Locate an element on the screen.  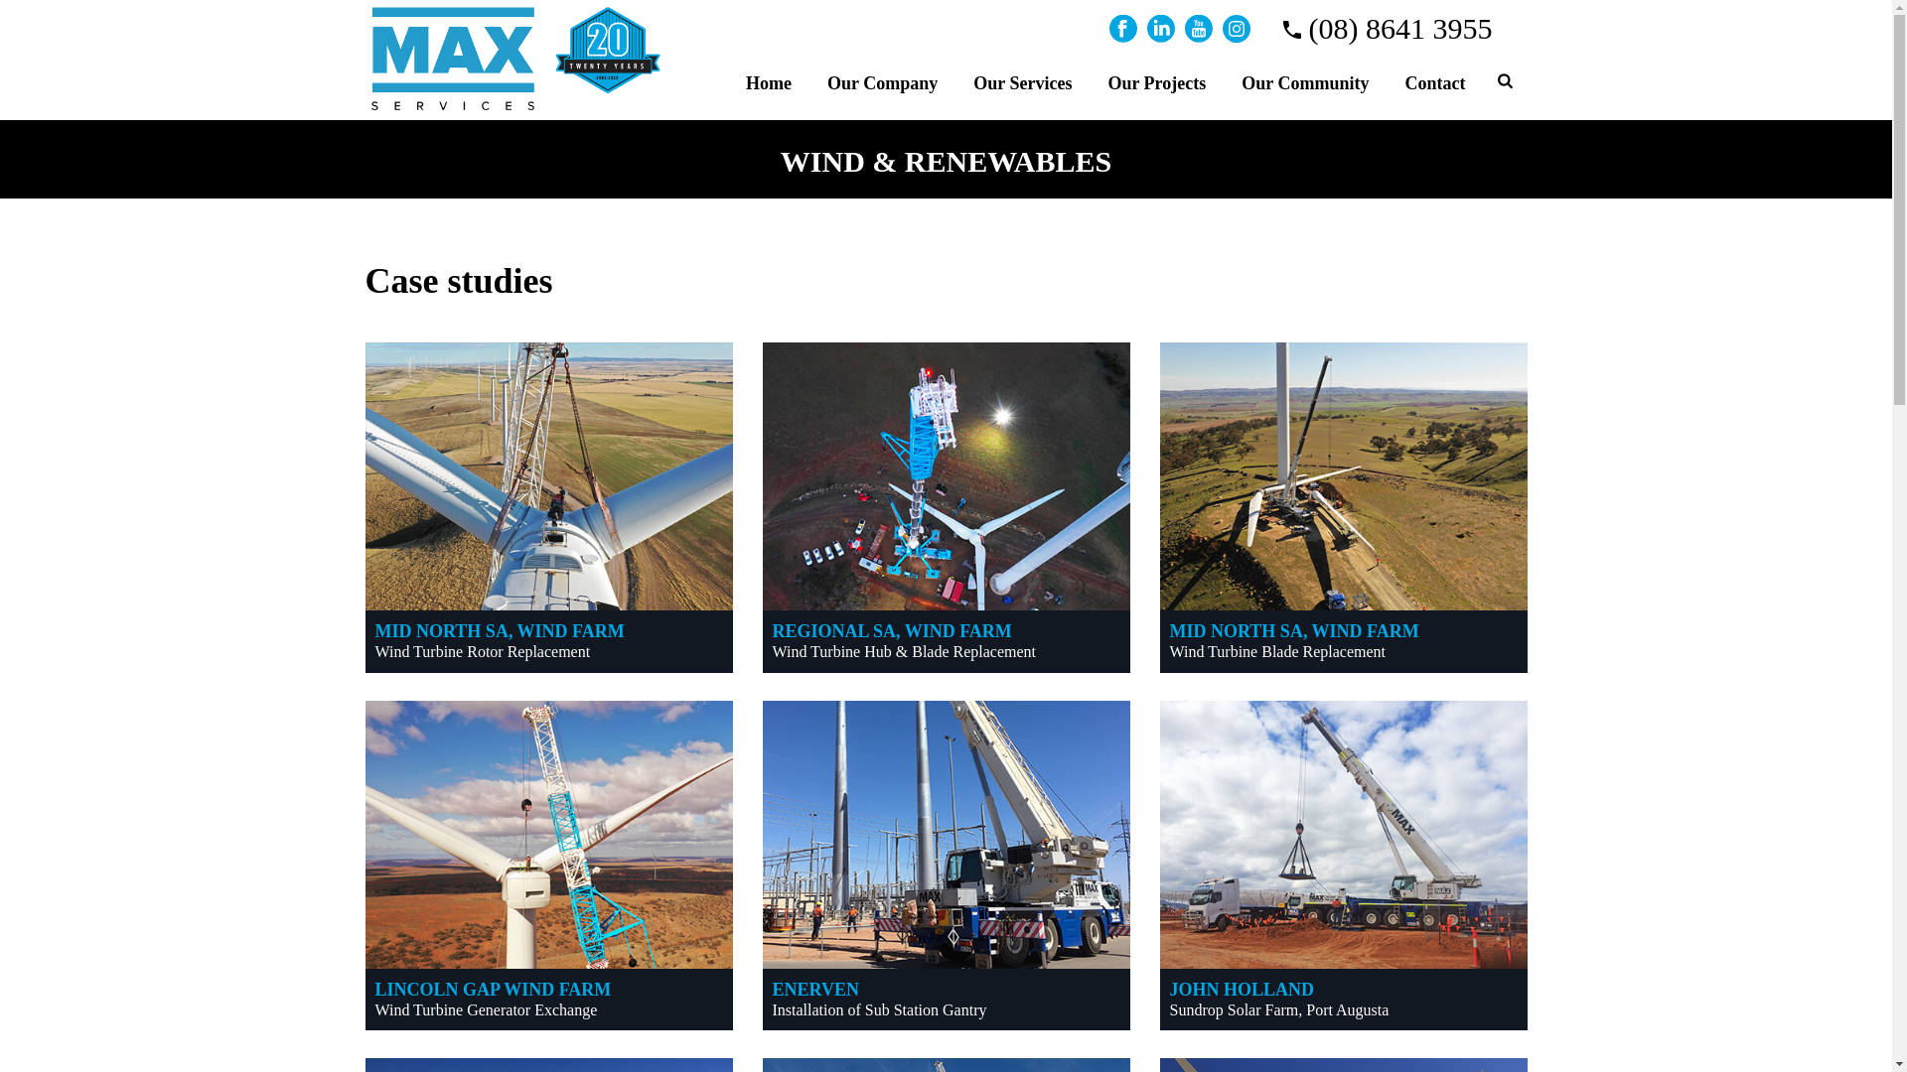
'Wind Turbine Rotor Replacement' is located at coordinates (483, 651).